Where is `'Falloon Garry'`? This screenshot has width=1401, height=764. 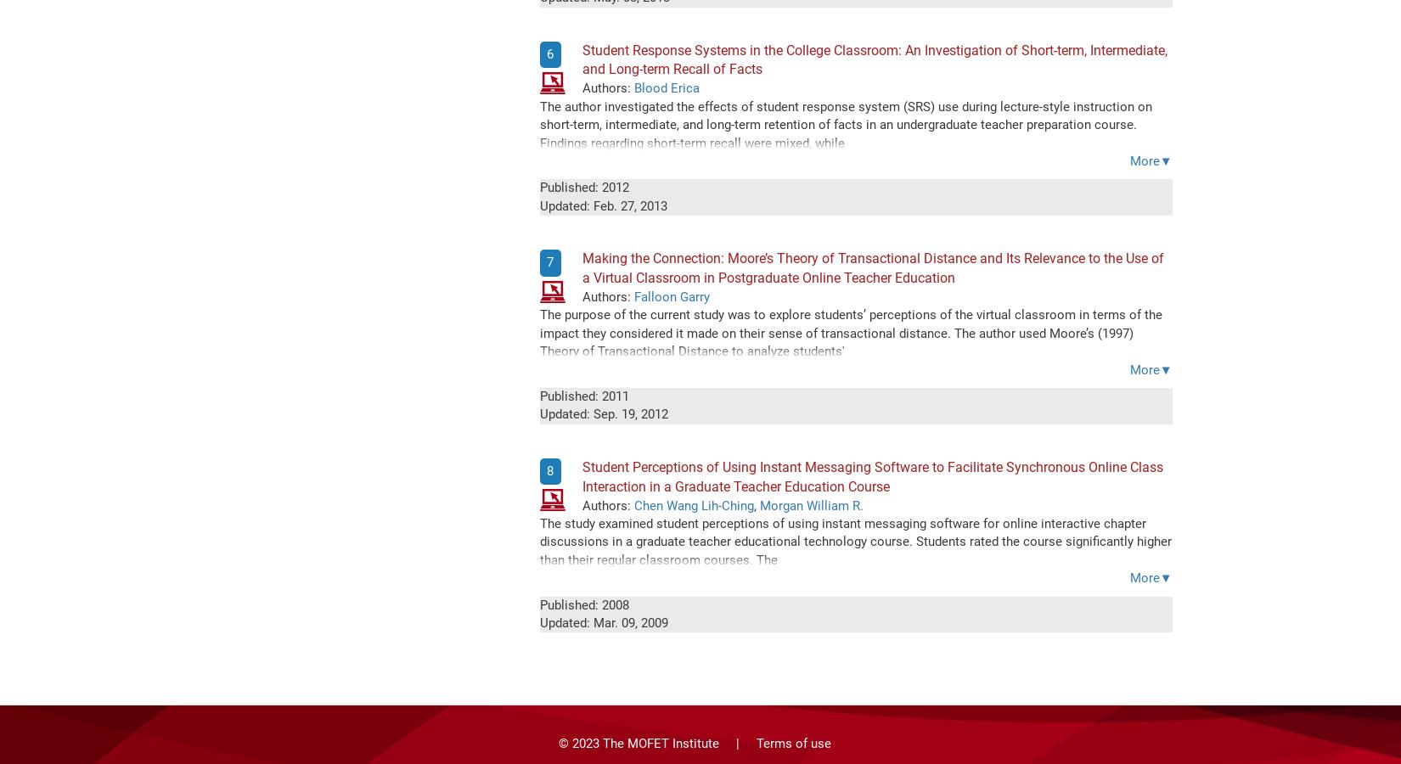
'Falloon Garry' is located at coordinates (670, 296).